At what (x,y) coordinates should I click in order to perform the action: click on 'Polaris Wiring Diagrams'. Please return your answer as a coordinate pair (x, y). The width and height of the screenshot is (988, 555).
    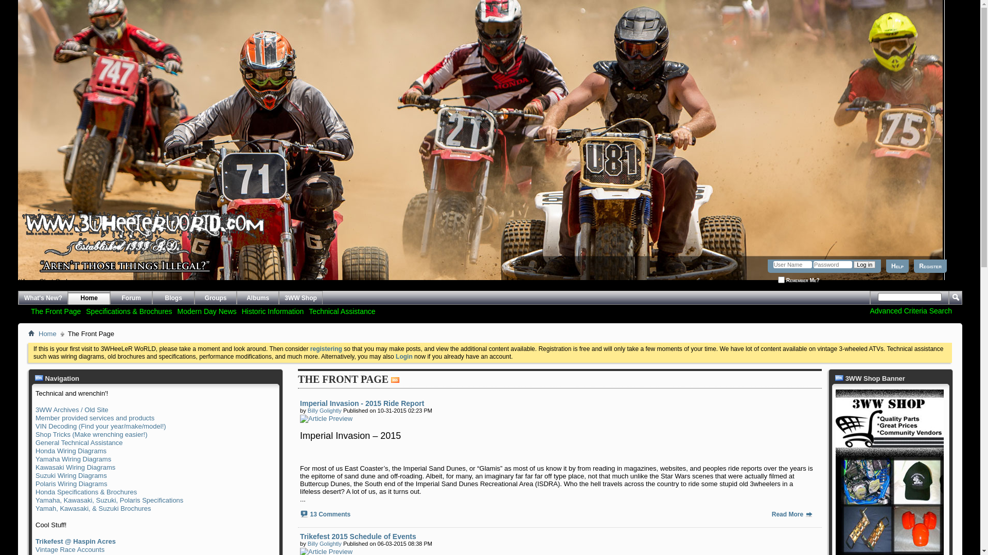
    Looking at the image, I should click on (70, 484).